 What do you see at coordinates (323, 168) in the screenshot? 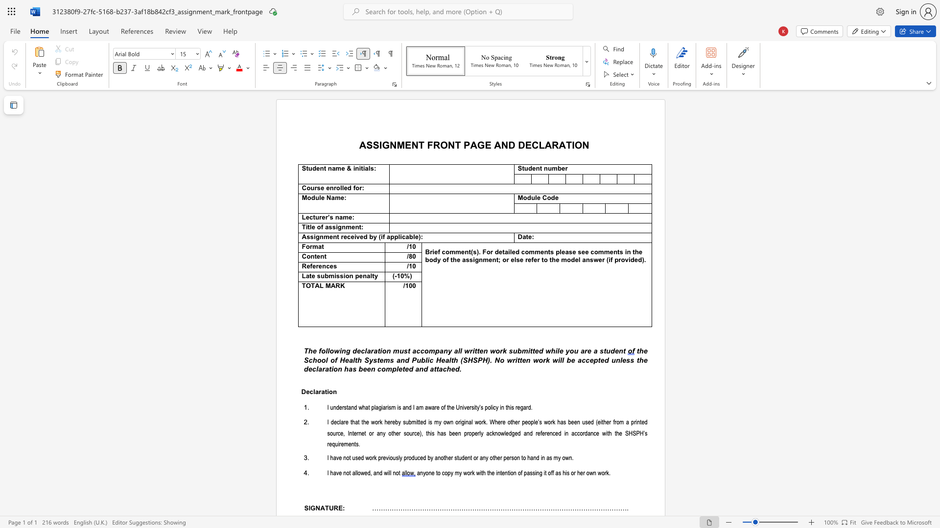
I see `the space between the continuous character "n" and "t" in the text` at bounding box center [323, 168].